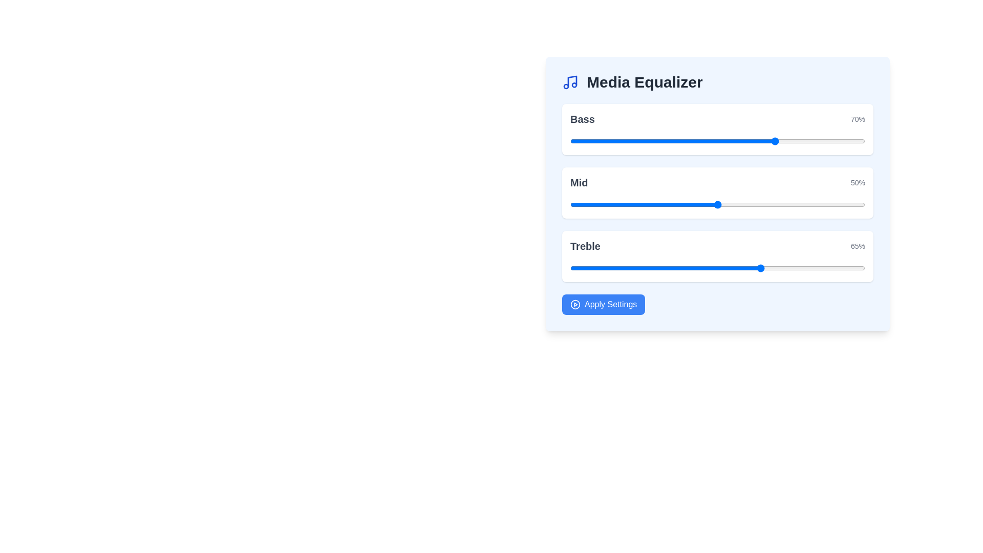  What do you see at coordinates (774, 205) in the screenshot?
I see `the slider` at bounding box center [774, 205].